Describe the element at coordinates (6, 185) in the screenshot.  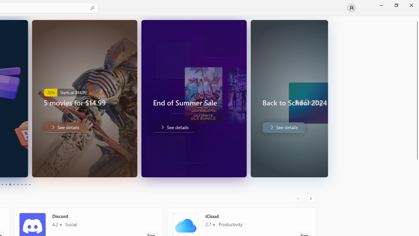
I see `'Page 4'` at that location.